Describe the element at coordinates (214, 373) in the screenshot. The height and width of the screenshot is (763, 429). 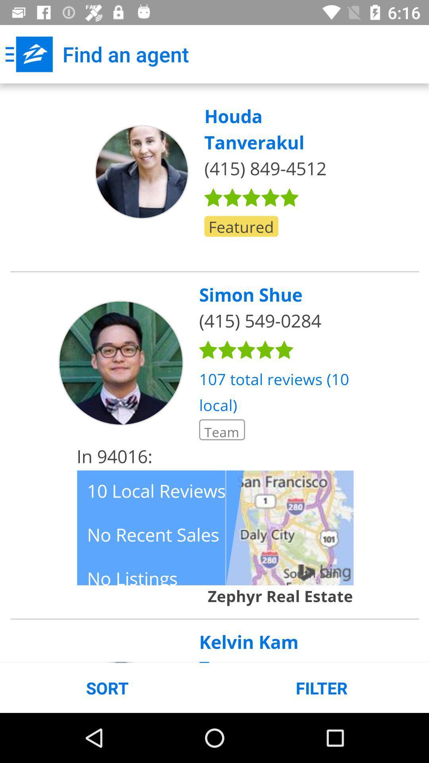
I see `filter option` at that location.